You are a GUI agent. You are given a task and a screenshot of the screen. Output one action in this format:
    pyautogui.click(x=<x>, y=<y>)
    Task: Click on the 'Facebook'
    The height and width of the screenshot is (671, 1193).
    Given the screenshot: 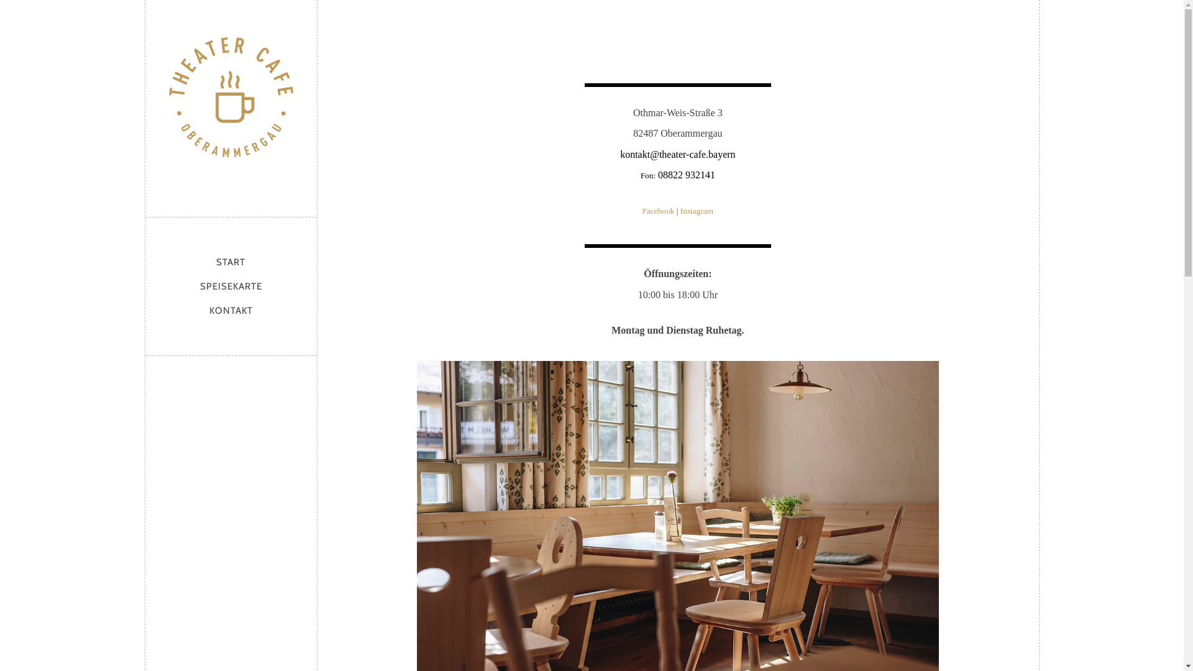 What is the action you would take?
    pyautogui.click(x=658, y=210)
    